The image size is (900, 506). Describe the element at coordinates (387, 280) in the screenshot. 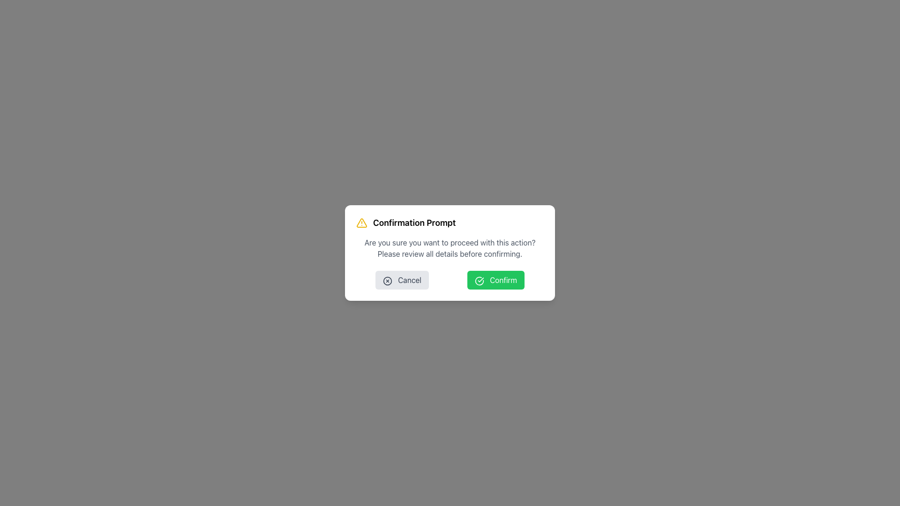

I see `the circular icon with a cross mark, which is located to the left of the Cancel button on the confirmation prompt` at that location.